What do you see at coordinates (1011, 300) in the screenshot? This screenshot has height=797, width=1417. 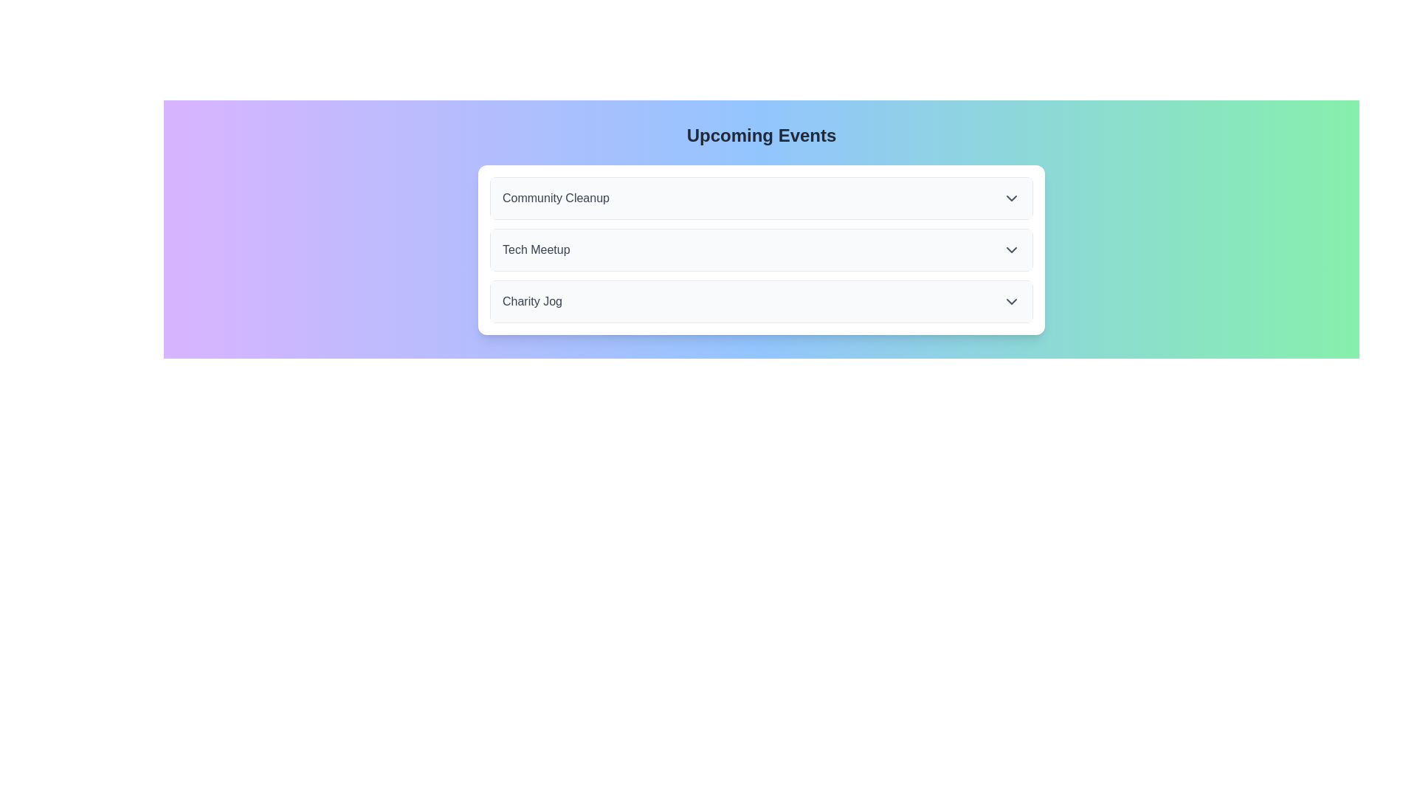 I see `the third downward-facing chevron icon in the 'Charity Jog' section` at bounding box center [1011, 300].